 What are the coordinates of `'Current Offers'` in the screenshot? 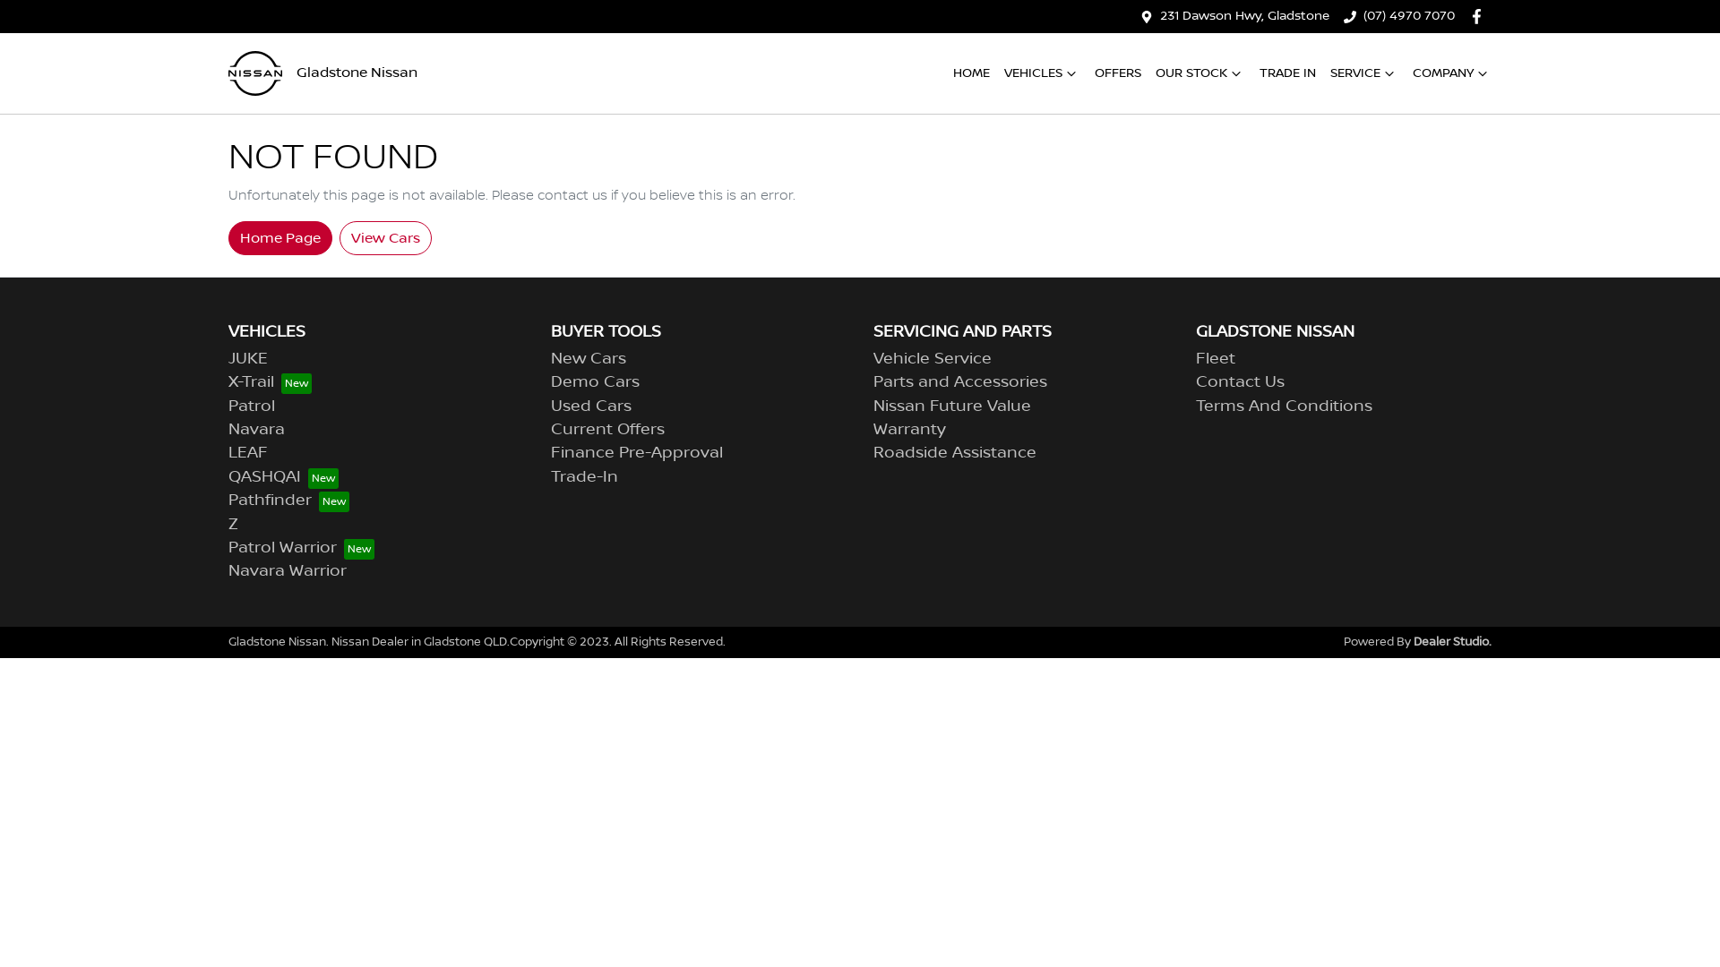 It's located at (607, 429).